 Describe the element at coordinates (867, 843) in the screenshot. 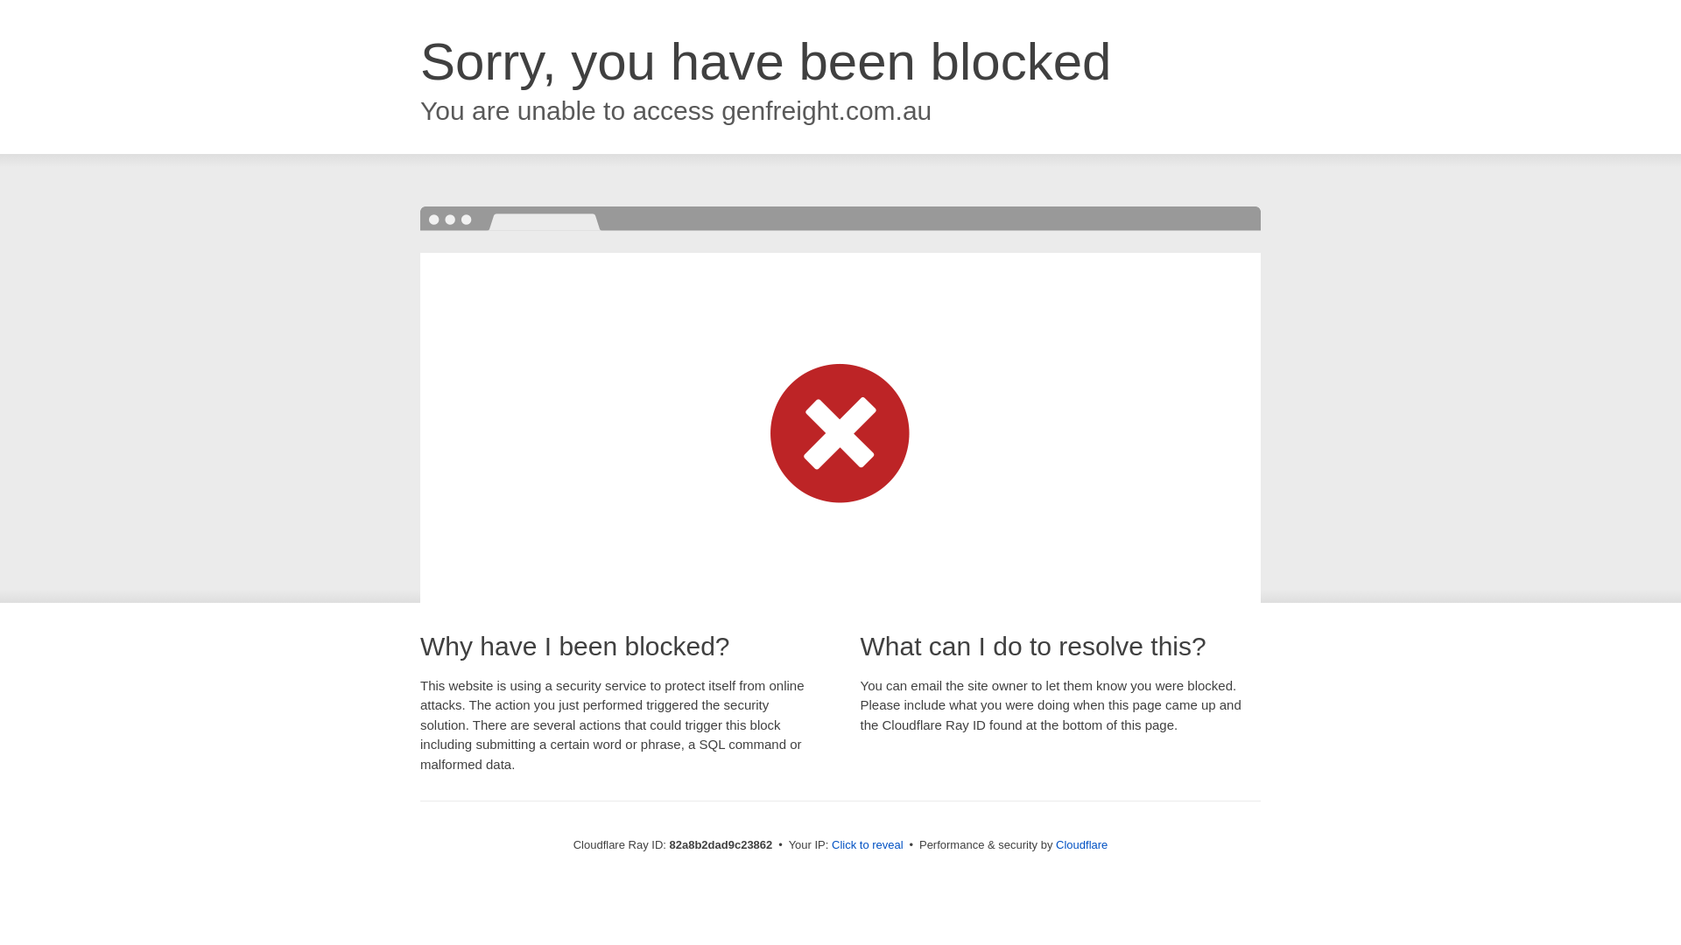

I see `'Click to reveal'` at that location.